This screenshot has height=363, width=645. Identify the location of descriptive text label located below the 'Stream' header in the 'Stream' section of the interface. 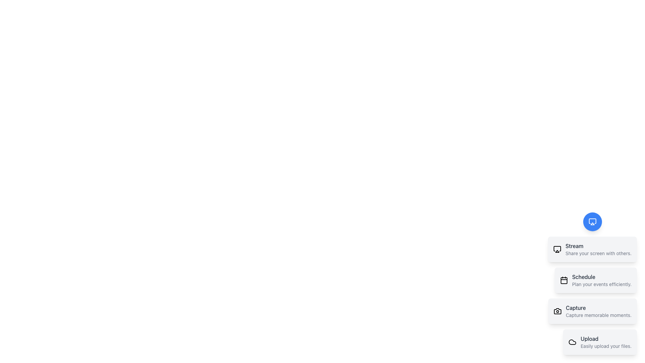
(598, 253).